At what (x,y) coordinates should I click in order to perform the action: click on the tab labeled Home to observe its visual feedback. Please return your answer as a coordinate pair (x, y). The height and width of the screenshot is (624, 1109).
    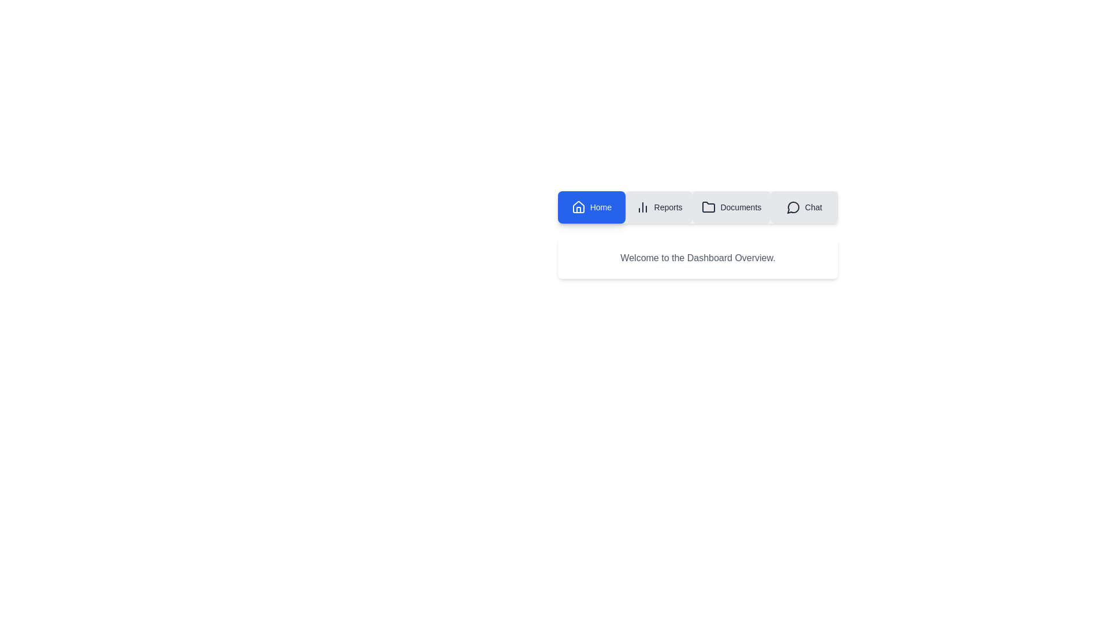
    Looking at the image, I should click on (591, 206).